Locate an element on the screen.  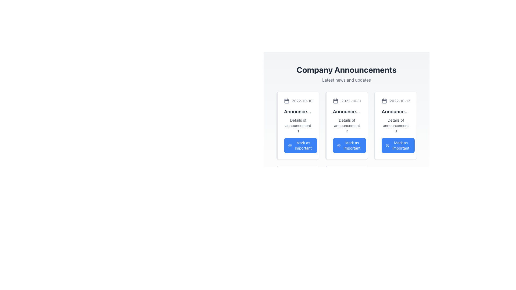
the circular icon with a checkmark symbol, located to the right of the 'Mark as Important' button in the third column of announcements is located at coordinates (388, 146).